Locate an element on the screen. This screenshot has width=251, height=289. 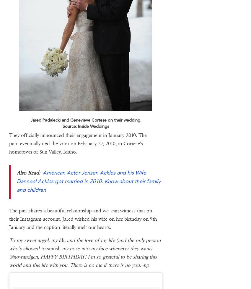
'Also Read' is located at coordinates (27, 172).